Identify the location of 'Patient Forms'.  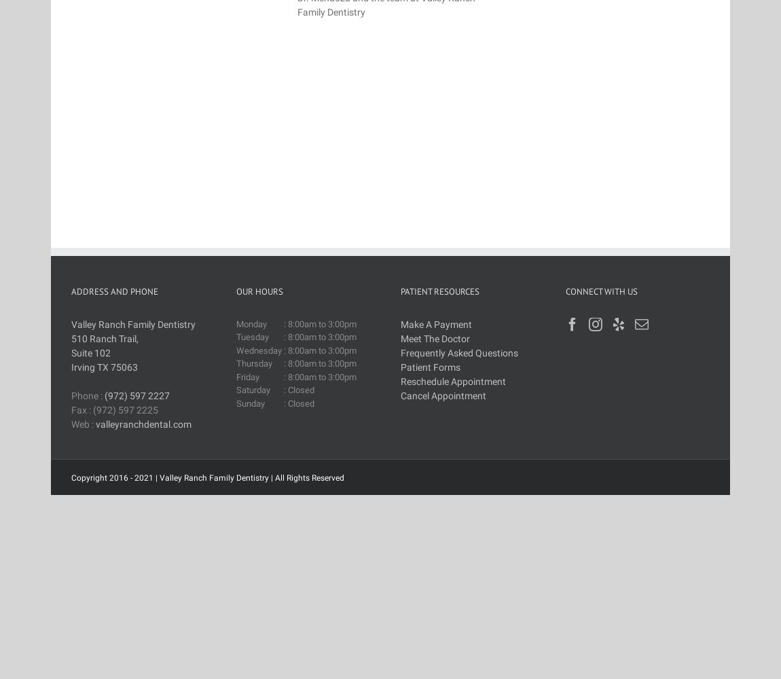
(399, 367).